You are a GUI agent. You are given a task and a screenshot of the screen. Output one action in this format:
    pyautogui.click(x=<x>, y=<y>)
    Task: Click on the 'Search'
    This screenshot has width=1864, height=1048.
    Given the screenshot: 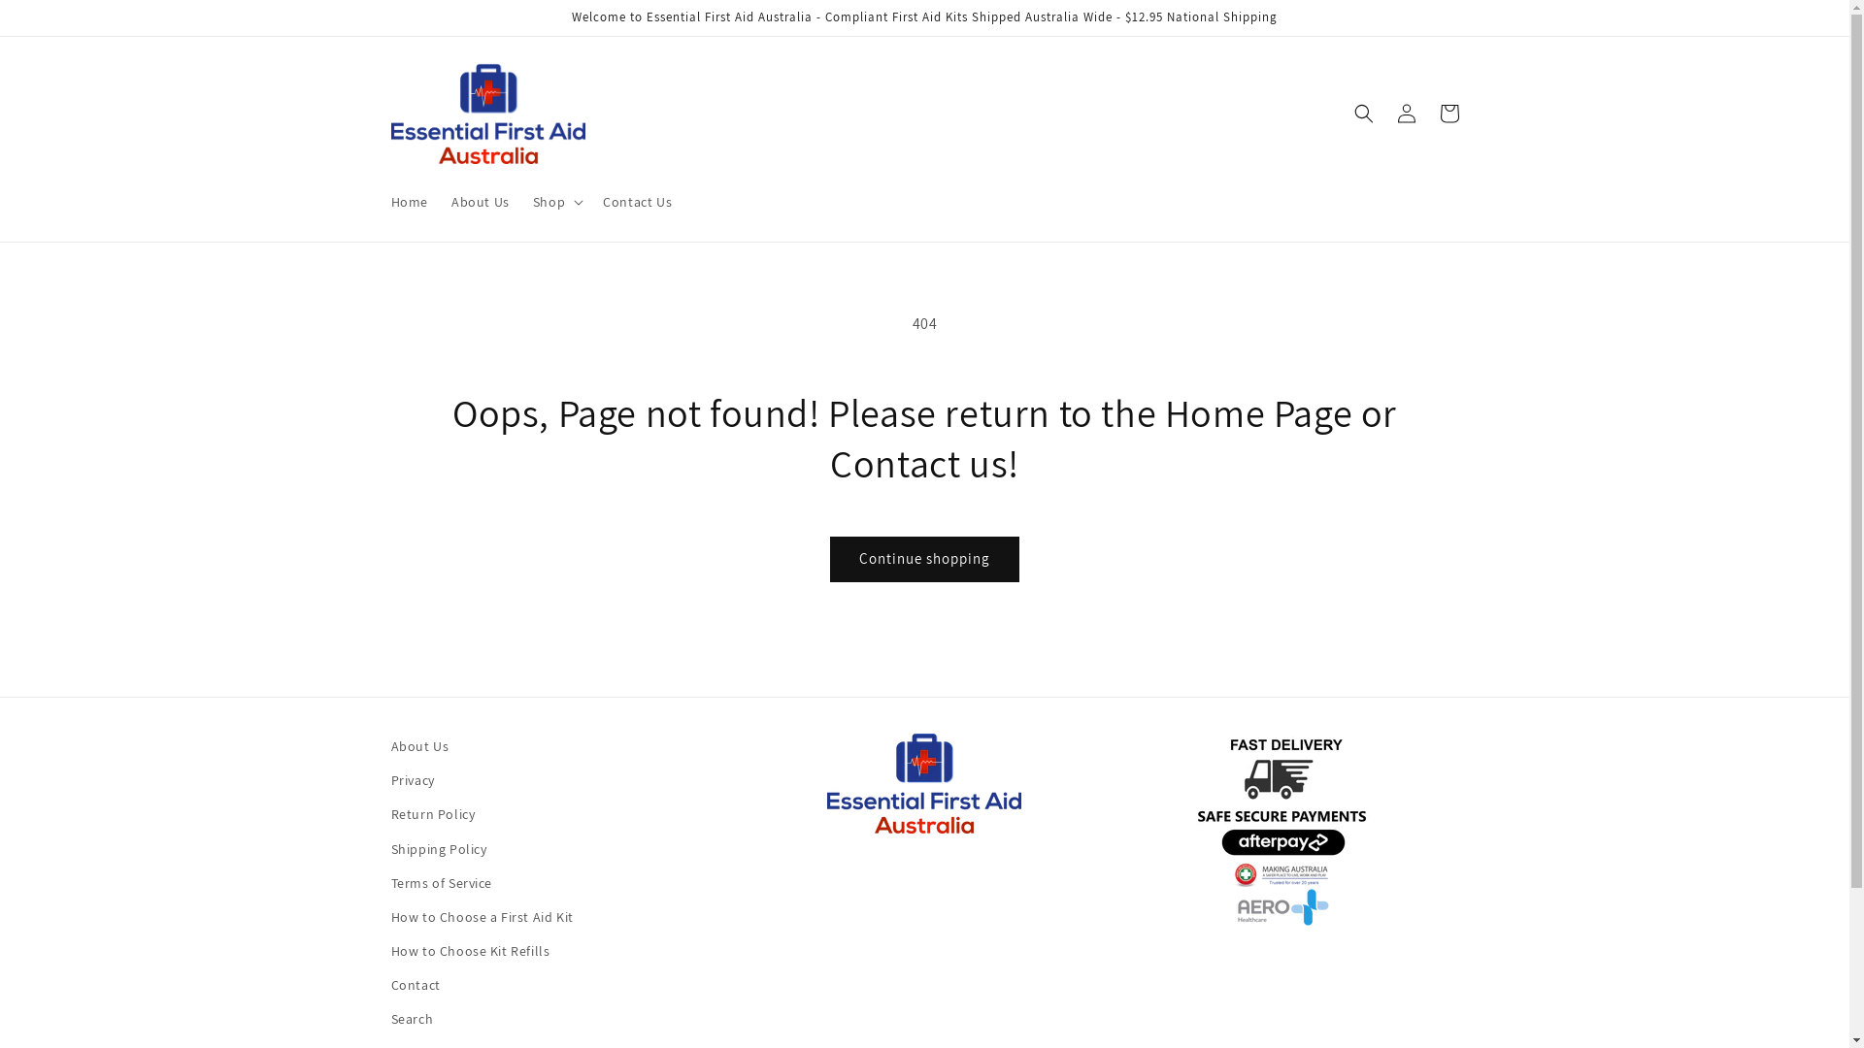 What is the action you would take?
    pyautogui.click(x=410, y=1018)
    